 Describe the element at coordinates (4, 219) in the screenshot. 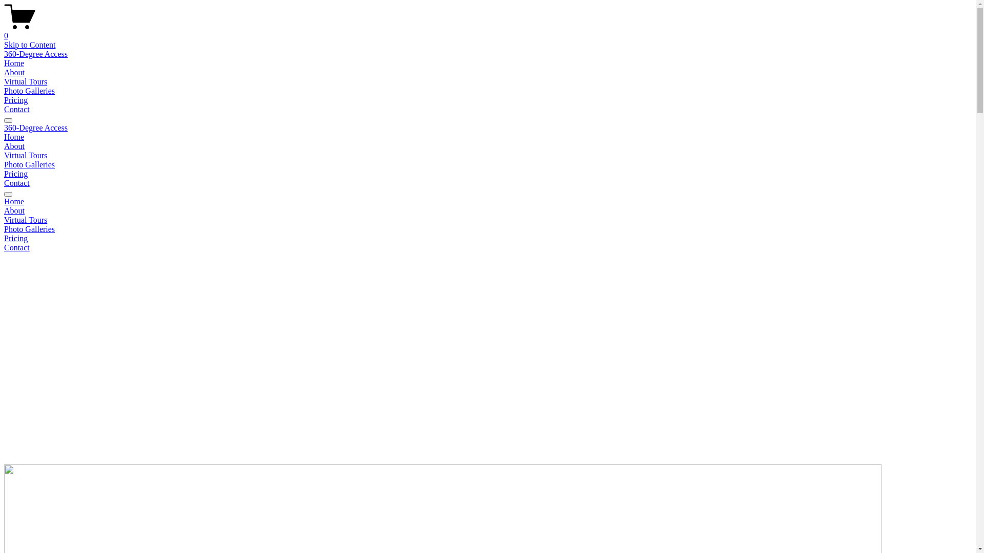

I see `'Virtual Tours'` at that location.